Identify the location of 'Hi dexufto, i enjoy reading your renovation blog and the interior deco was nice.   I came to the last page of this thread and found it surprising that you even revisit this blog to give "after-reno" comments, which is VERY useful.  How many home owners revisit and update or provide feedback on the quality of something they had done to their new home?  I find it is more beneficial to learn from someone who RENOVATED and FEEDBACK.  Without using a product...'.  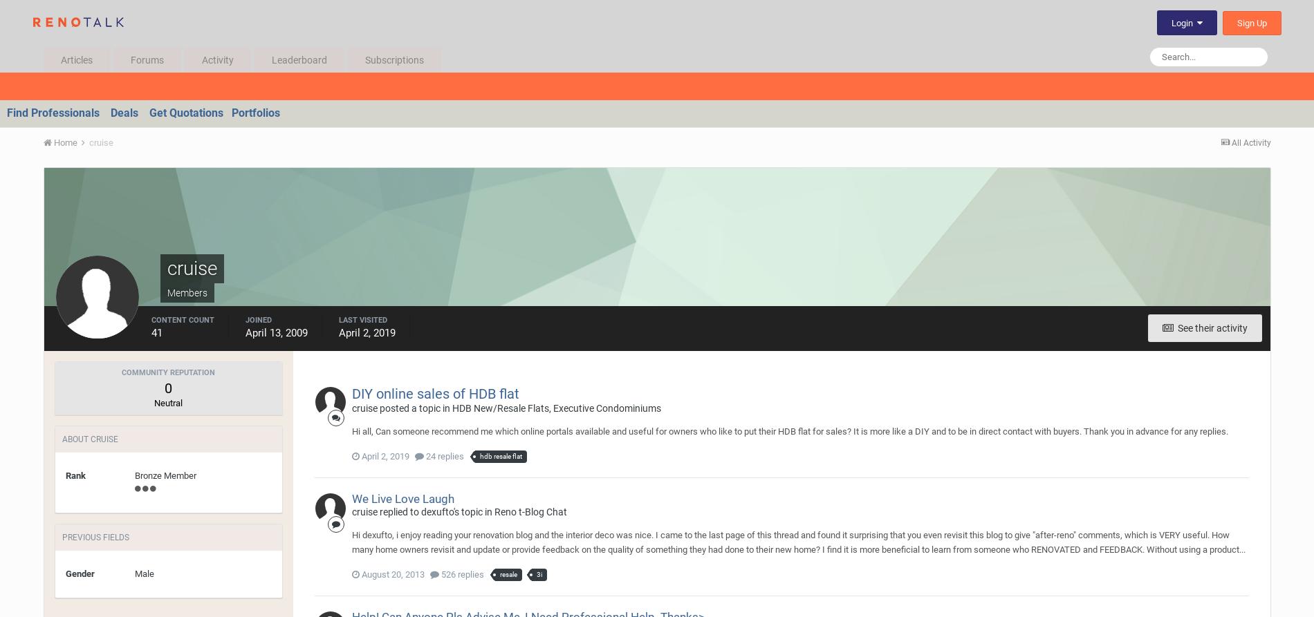
(798, 541).